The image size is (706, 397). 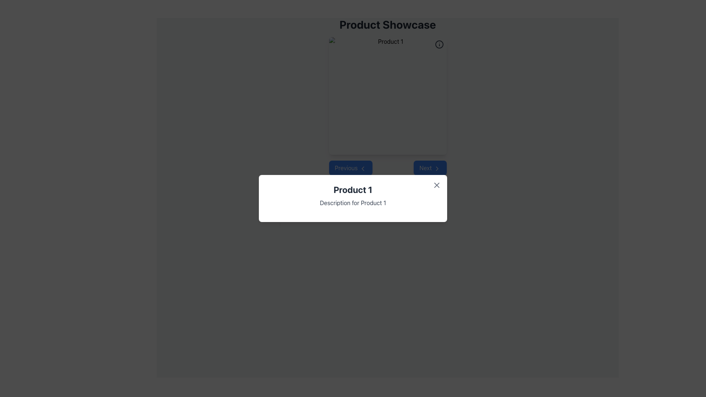 What do you see at coordinates (353, 203) in the screenshot?
I see `the text label providing a brief description of 'Product 1' located directly below the bolded title in the white rectangular modal` at bounding box center [353, 203].